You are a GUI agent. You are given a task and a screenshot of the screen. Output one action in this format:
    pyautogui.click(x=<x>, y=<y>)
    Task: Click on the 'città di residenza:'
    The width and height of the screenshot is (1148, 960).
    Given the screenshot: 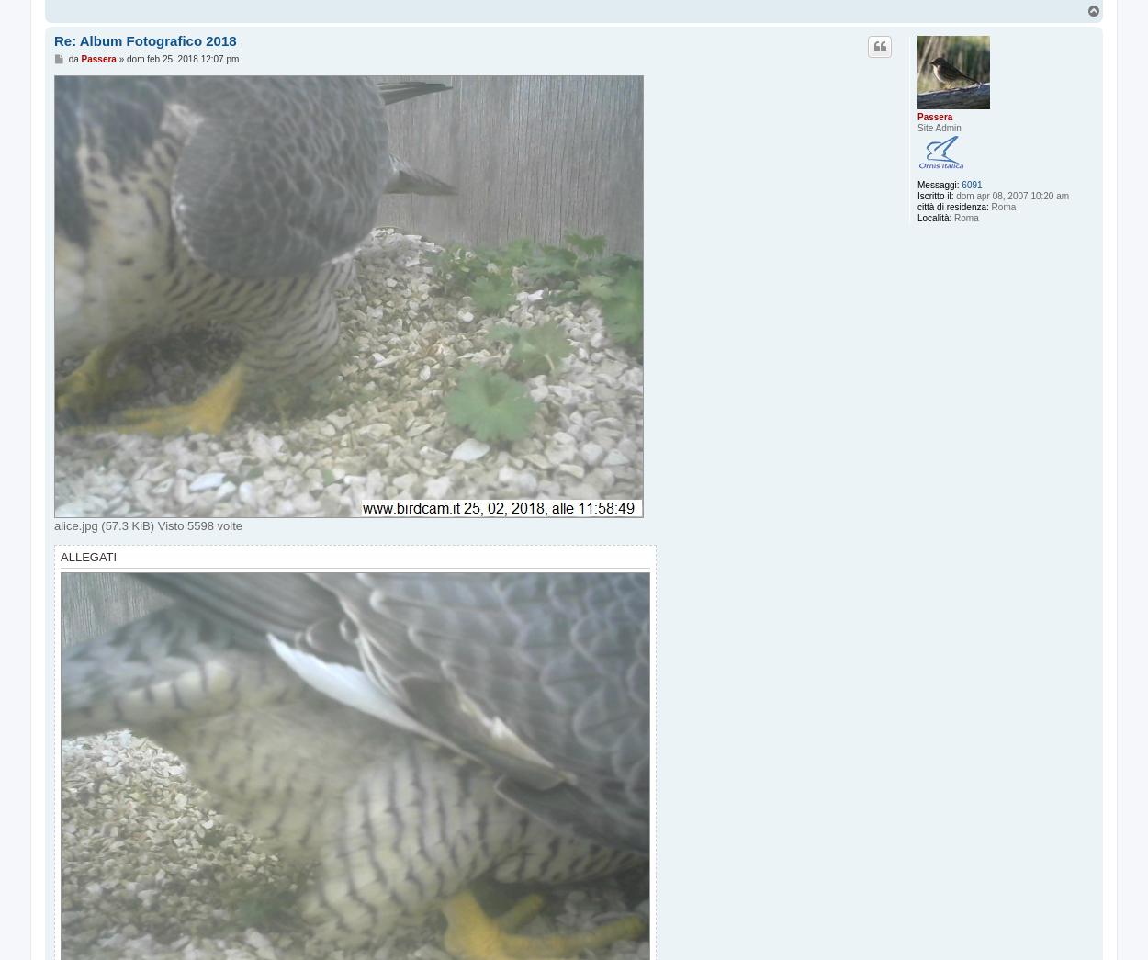 What is the action you would take?
    pyautogui.click(x=952, y=207)
    